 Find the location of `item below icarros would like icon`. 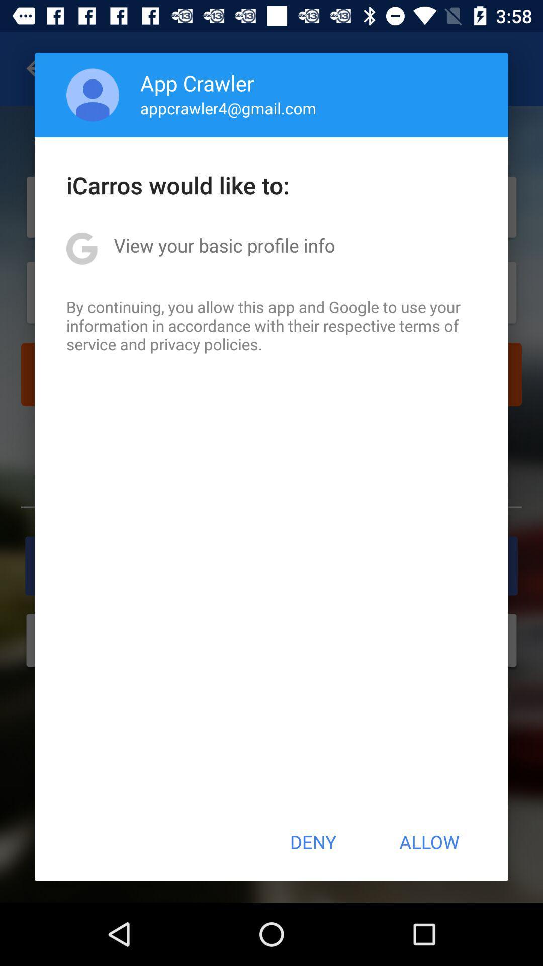

item below icarros would like icon is located at coordinates (224, 245).